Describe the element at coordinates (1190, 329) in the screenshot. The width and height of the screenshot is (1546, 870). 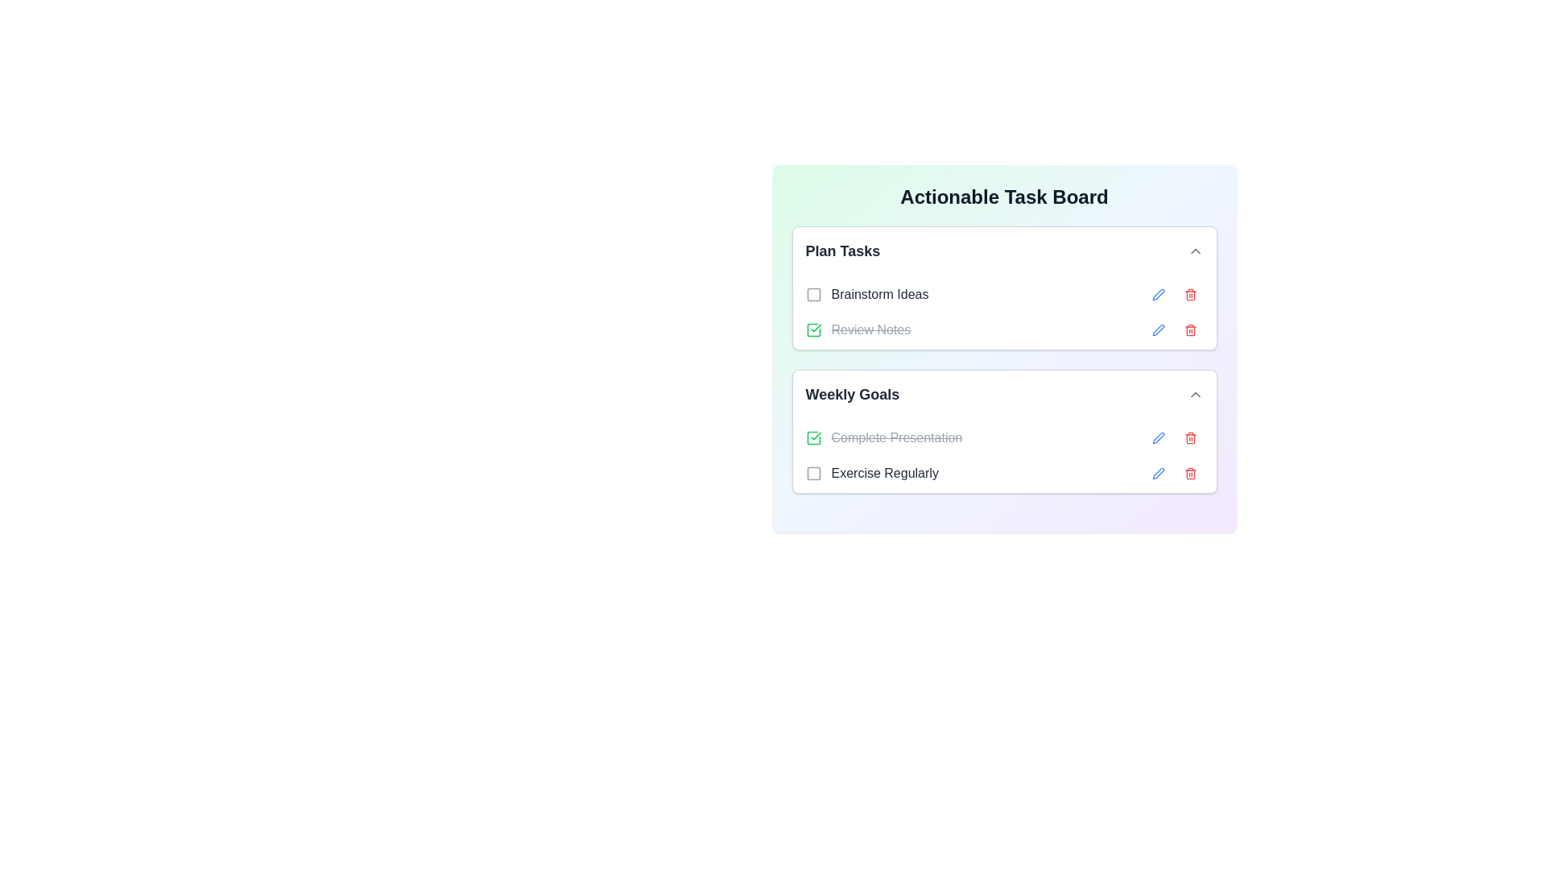
I see `the trash/delete icon button positioned as the second interactive button in the action button group` at that location.